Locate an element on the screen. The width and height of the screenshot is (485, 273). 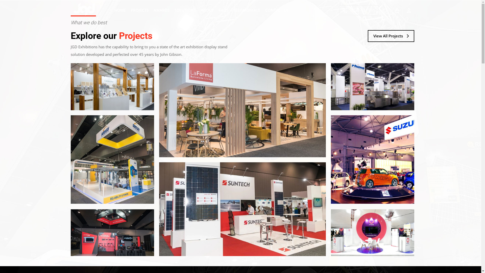
'JGD Exhibitions' is located at coordinates (85, 11).